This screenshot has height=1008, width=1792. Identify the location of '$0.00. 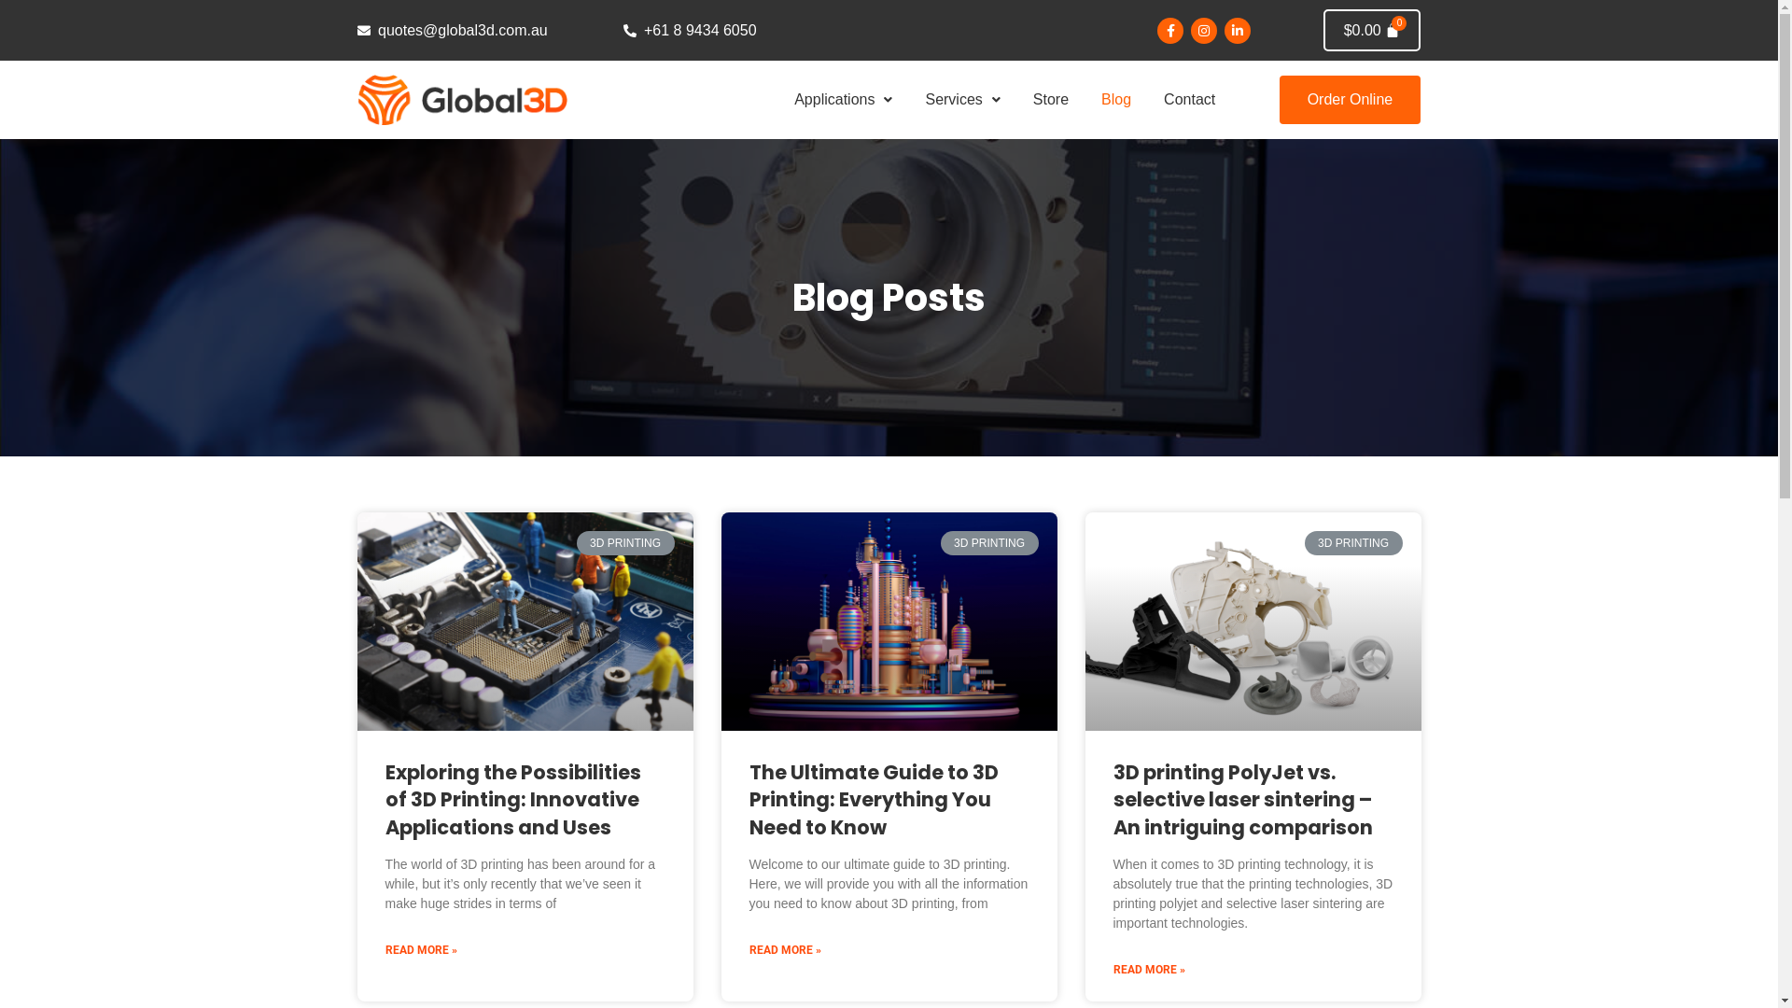
(1372, 30).